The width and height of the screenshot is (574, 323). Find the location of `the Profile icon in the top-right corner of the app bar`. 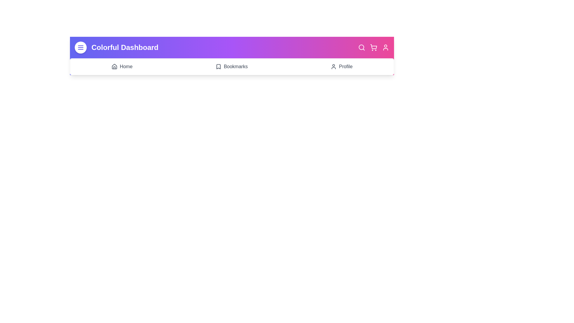

the Profile icon in the top-right corner of the app bar is located at coordinates (386, 47).